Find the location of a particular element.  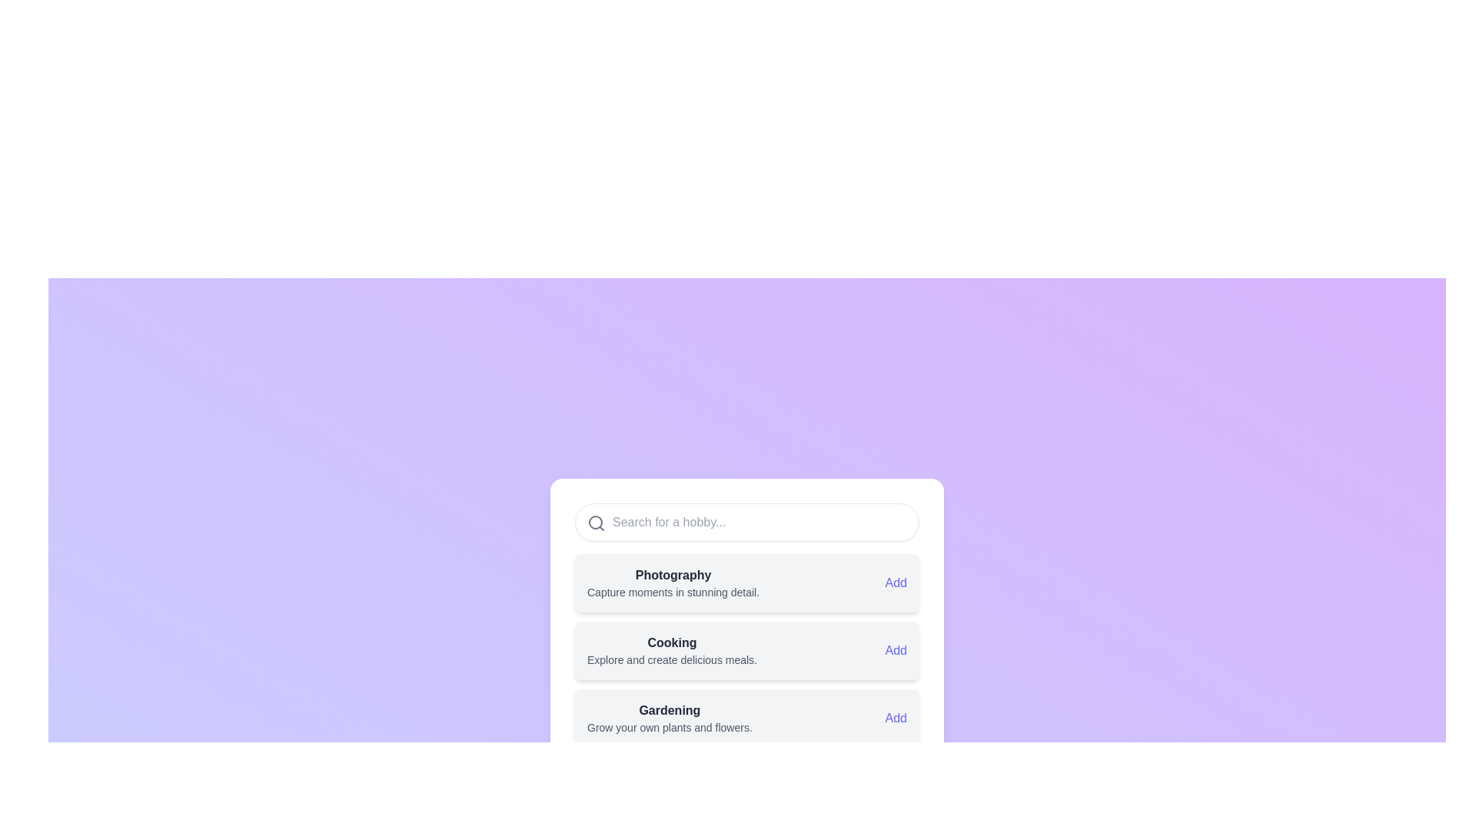

the 'Add' button, which is a blue-colored textual component located at the bottom-most card of a vertically stacked list of cards, aligned to the right side of the card is located at coordinates (896, 718).